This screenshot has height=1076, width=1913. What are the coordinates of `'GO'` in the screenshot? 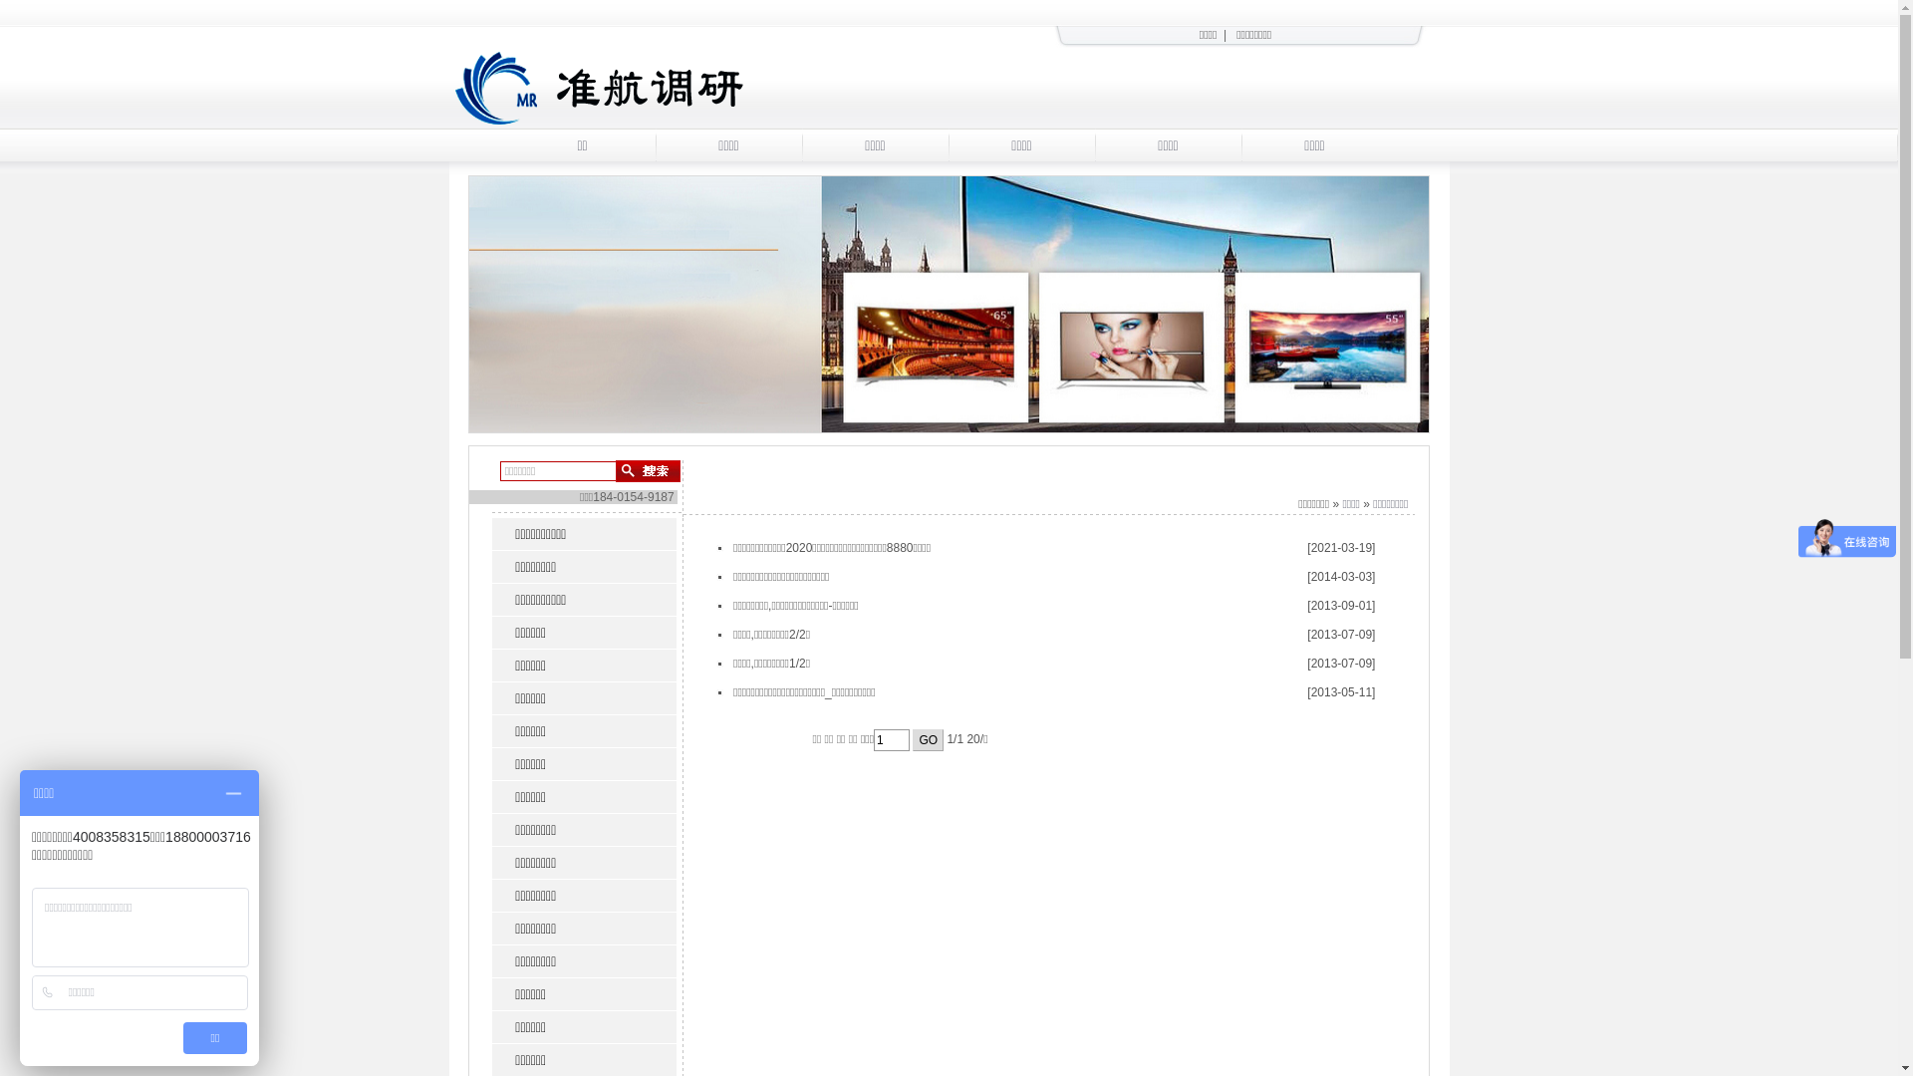 It's located at (912, 740).